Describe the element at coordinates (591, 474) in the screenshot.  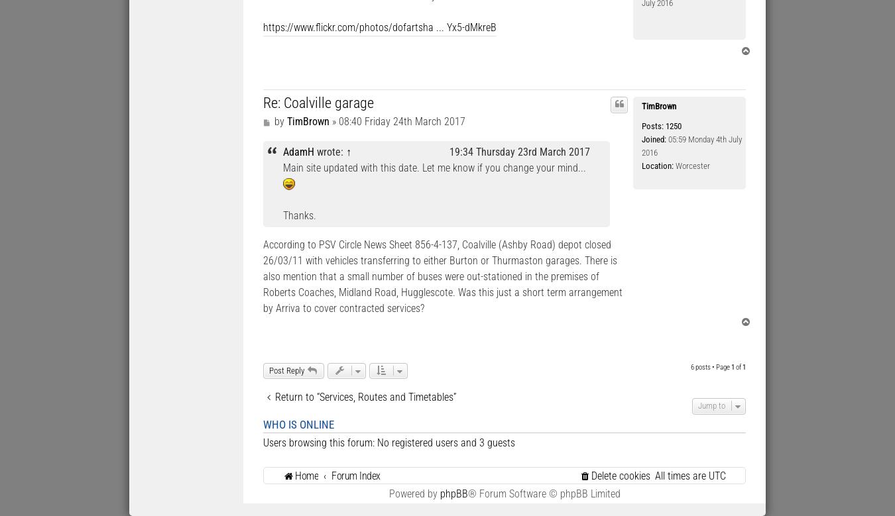
I see `'Delete cookies'` at that location.